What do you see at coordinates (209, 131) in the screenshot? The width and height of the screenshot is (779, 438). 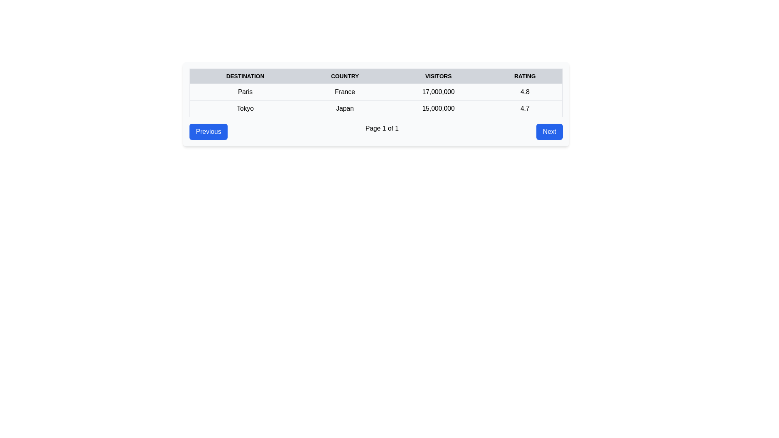 I see `the 'Previous' button, which is a rectangular button with white text on a blue background, located on the leftmost side of the navigation bar beneath the table` at bounding box center [209, 131].